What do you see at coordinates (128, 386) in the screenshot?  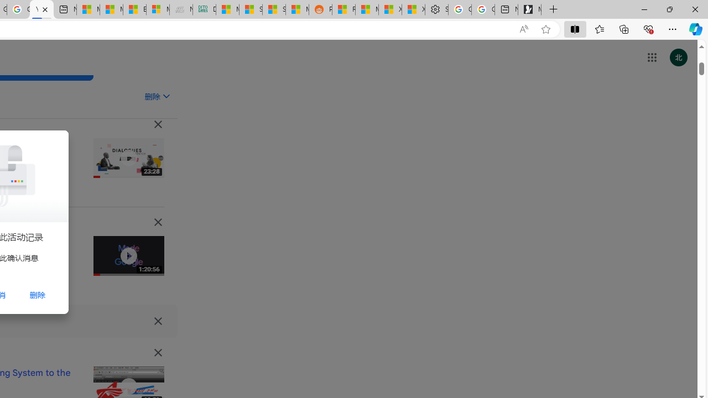 I see `'Class: IVR0f NMm5M'` at bounding box center [128, 386].